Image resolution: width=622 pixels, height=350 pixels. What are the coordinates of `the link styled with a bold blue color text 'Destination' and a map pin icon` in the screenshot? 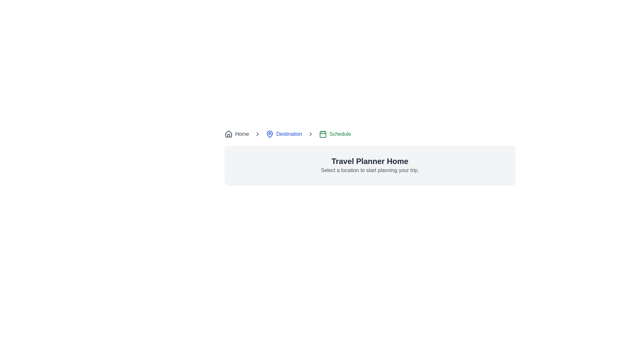 It's located at (284, 134).